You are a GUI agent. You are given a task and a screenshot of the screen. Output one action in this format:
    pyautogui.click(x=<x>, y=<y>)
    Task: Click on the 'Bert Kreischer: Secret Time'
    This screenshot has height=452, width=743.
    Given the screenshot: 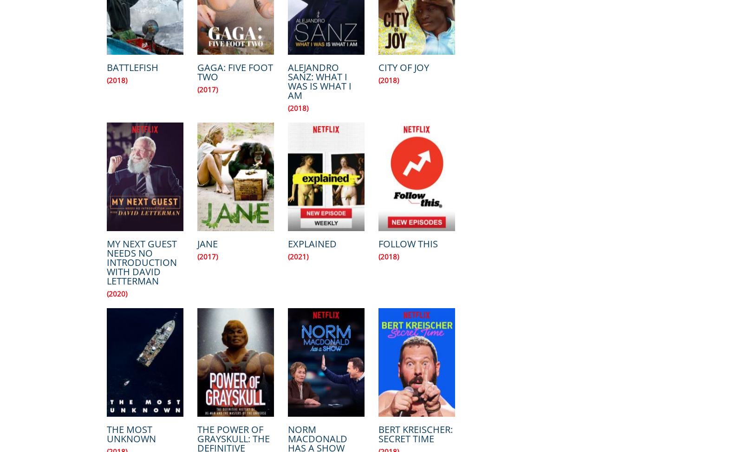 What is the action you would take?
    pyautogui.click(x=415, y=433)
    